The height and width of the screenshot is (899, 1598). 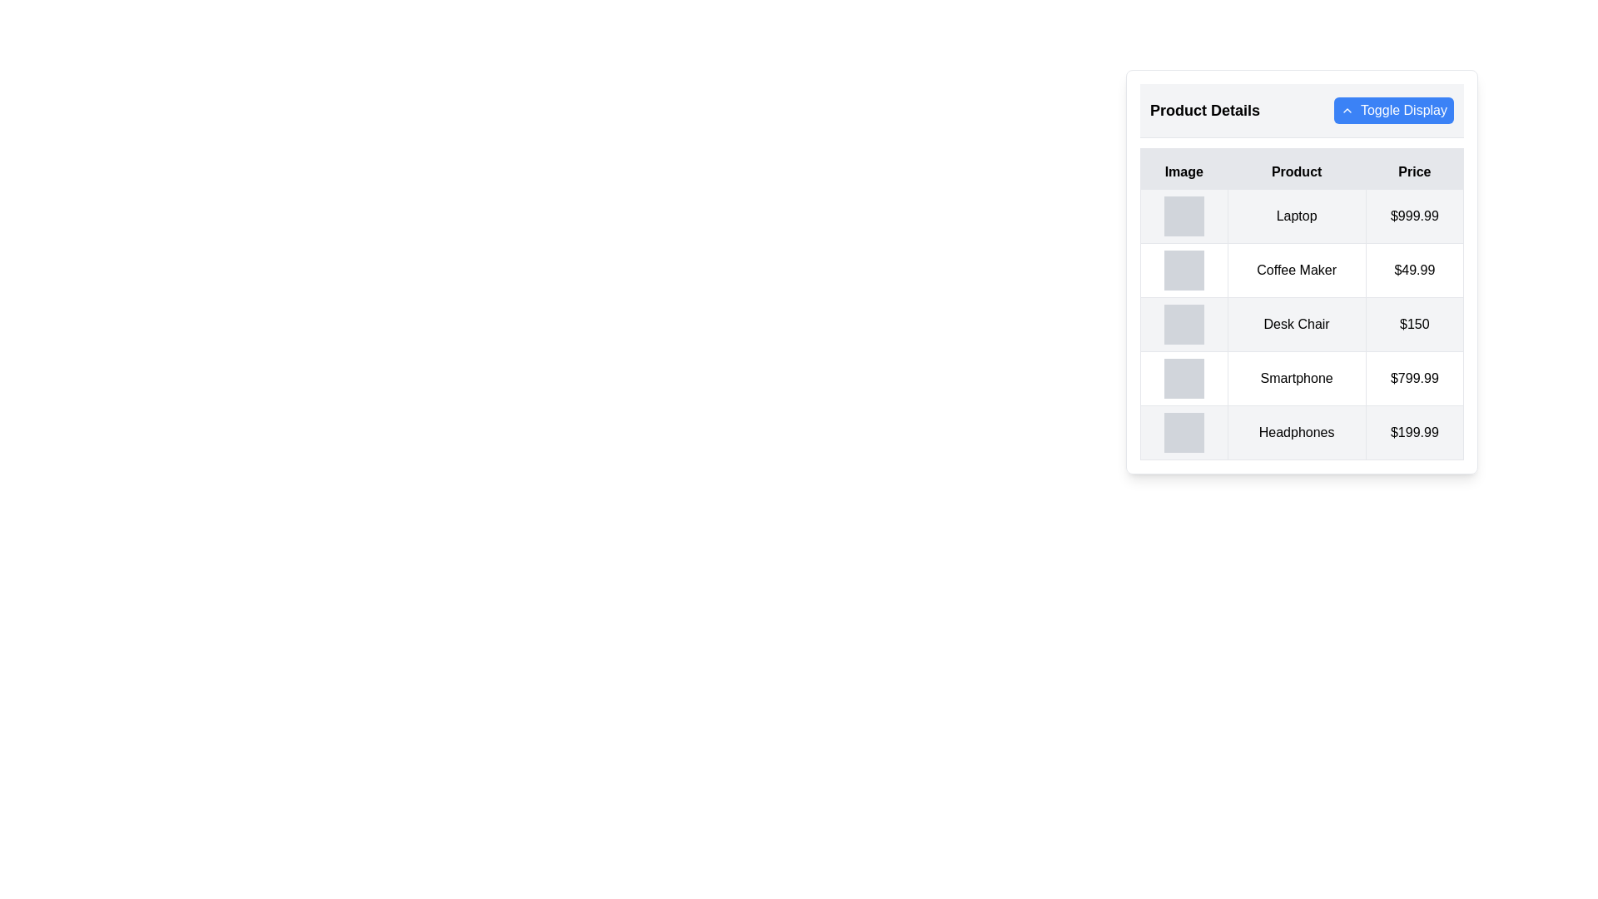 What do you see at coordinates (1413, 215) in the screenshot?
I see `the static text displaying the price of the product, located in the third column of the first row of the table, adjacent to 'Laptop' in the second column` at bounding box center [1413, 215].